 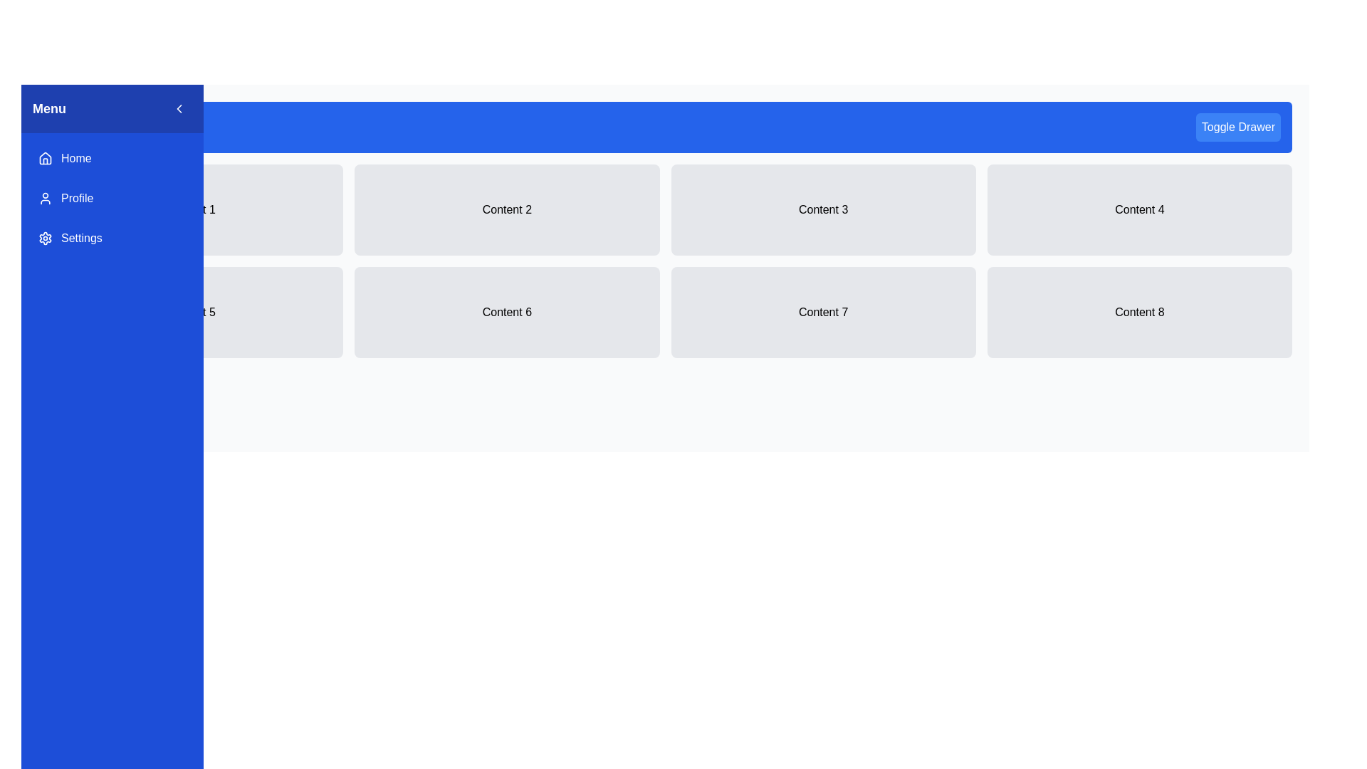 What do you see at coordinates (112, 238) in the screenshot?
I see `the 'Settings' button, which is the third item in a vertical list of three menu options in the sidebar, positioned below the 'Profile' option` at bounding box center [112, 238].